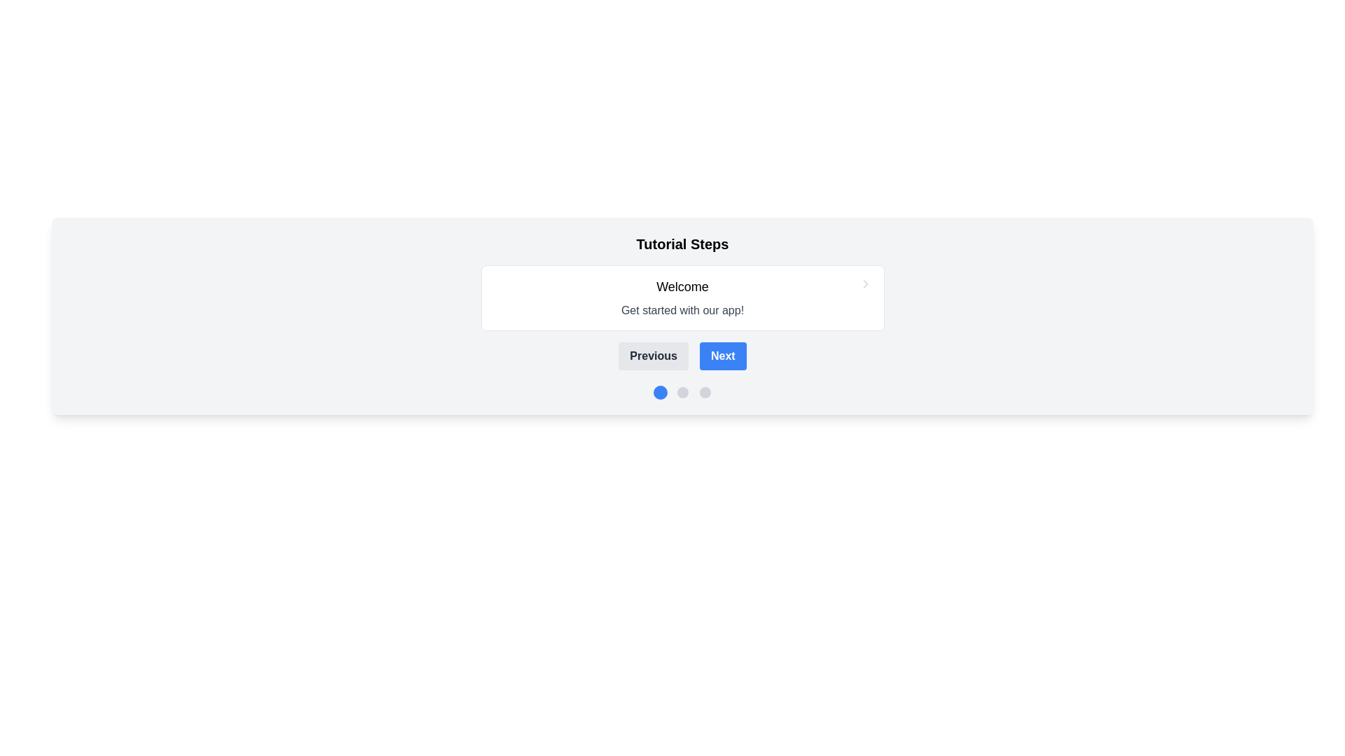 This screenshot has height=756, width=1345. What do you see at coordinates (682, 392) in the screenshot?
I see `the second circular button, which is gray in color and located below the 'Tutorial Steps' text` at bounding box center [682, 392].